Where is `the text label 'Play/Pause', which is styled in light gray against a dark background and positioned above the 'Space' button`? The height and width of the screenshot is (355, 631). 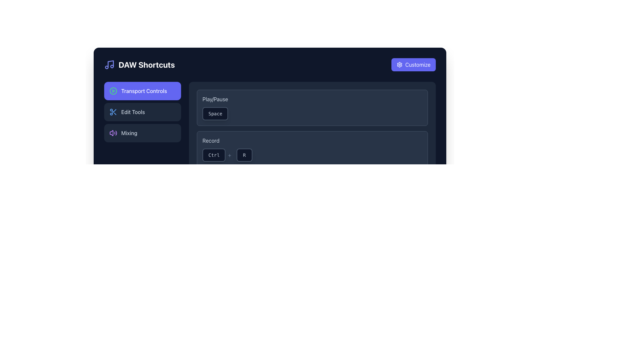 the text label 'Play/Pause', which is styled in light gray against a dark background and positioned above the 'Space' button is located at coordinates (215, 99).